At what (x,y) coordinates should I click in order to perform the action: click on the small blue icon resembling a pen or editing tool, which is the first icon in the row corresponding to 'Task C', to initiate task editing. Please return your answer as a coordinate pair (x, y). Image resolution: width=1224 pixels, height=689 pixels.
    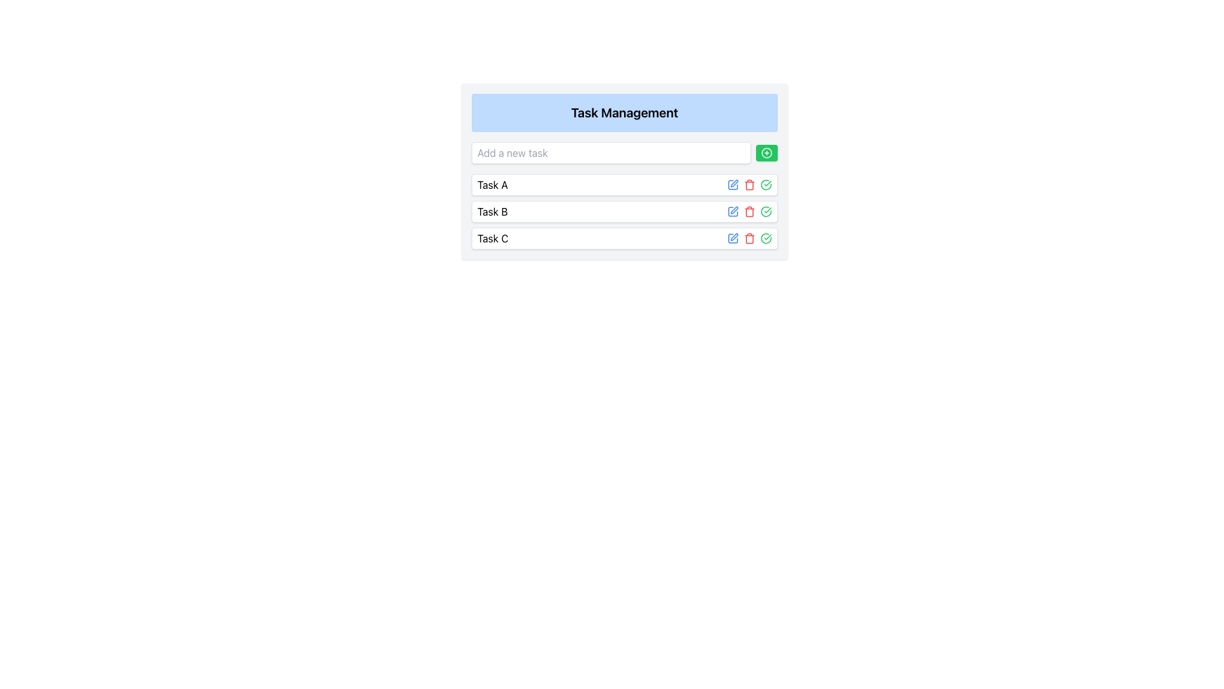
    Looking at the image, I should click on (733, 239).